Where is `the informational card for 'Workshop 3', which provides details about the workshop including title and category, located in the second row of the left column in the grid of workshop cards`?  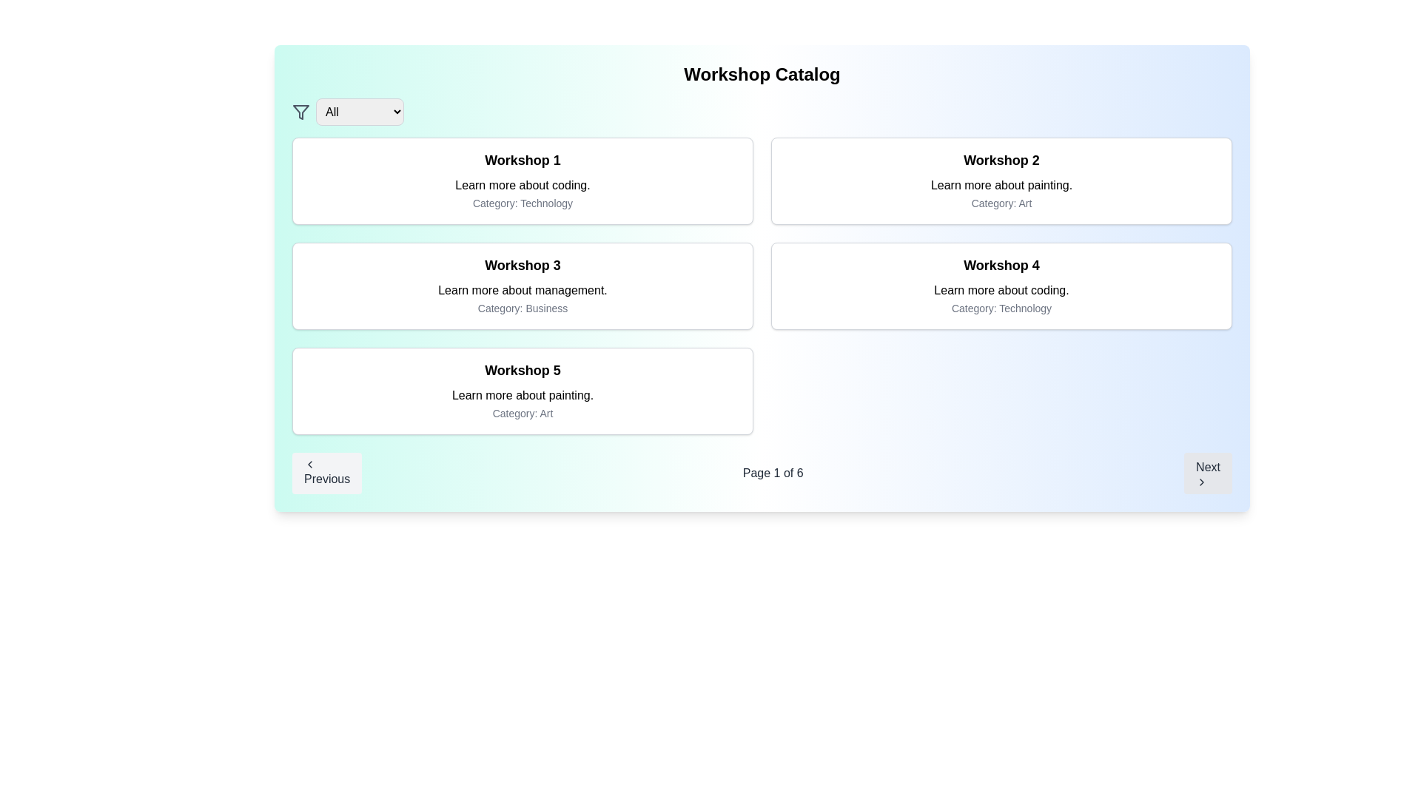
the informational card for 'Workshop 3', which provides details about the workshop including title and category, located in the second row of the left column in the grid of workshop cards is located at coordinates (523, 286).